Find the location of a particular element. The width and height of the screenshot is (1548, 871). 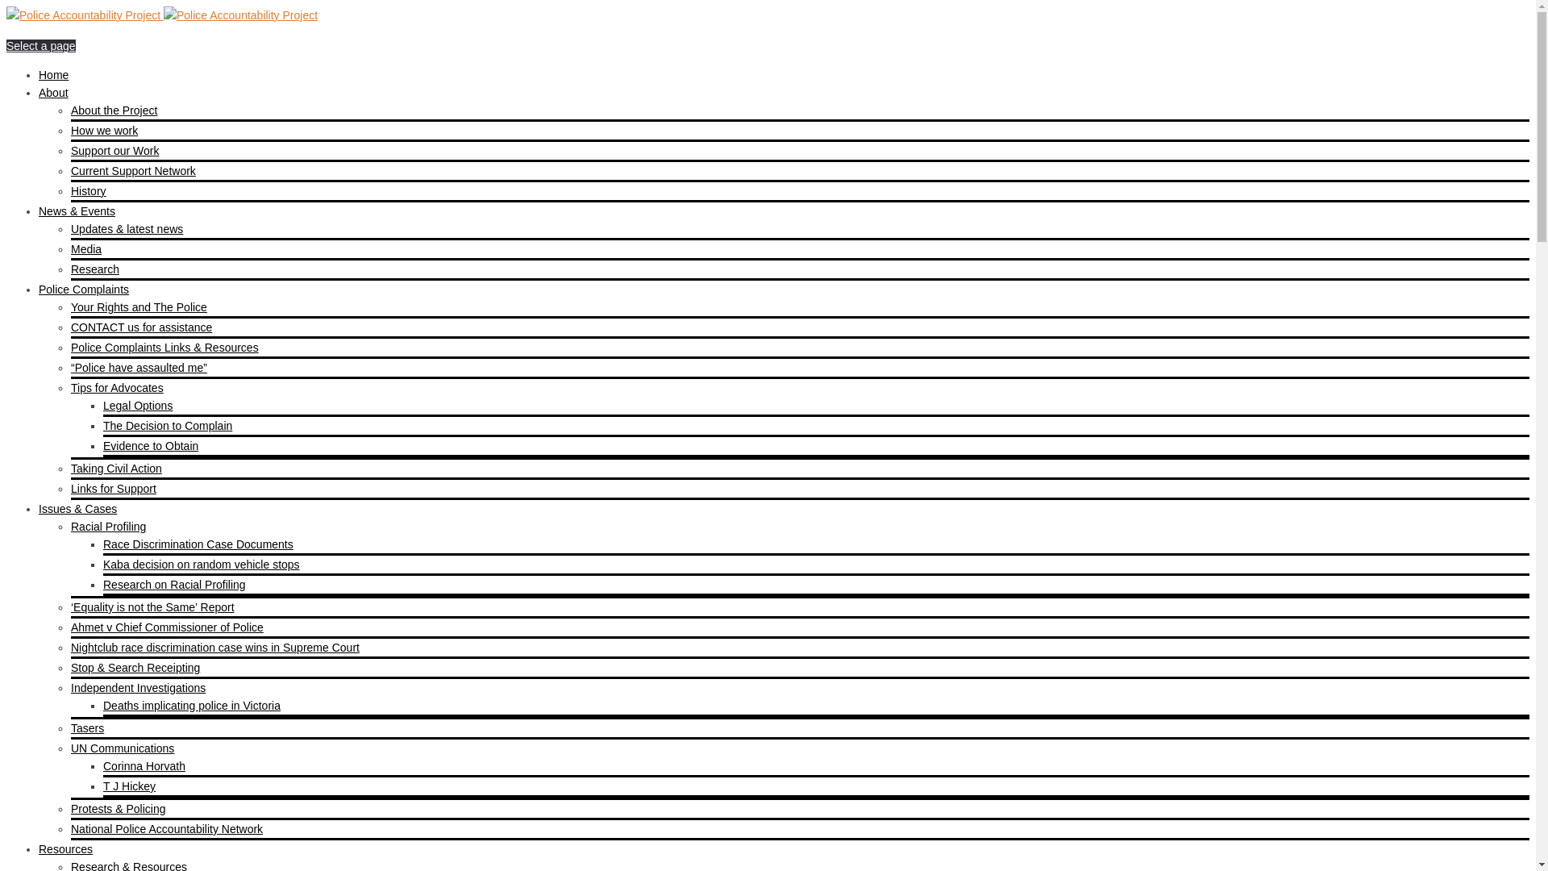

'Race Discrimination Case Documents' is located at coordinates (197, 544).